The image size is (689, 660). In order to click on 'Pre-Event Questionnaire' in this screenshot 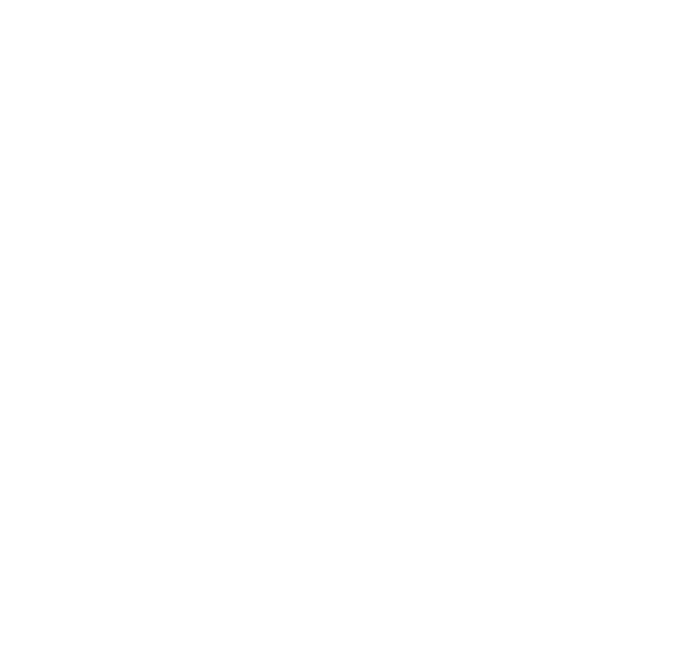, I will do `click(526, 514)`.